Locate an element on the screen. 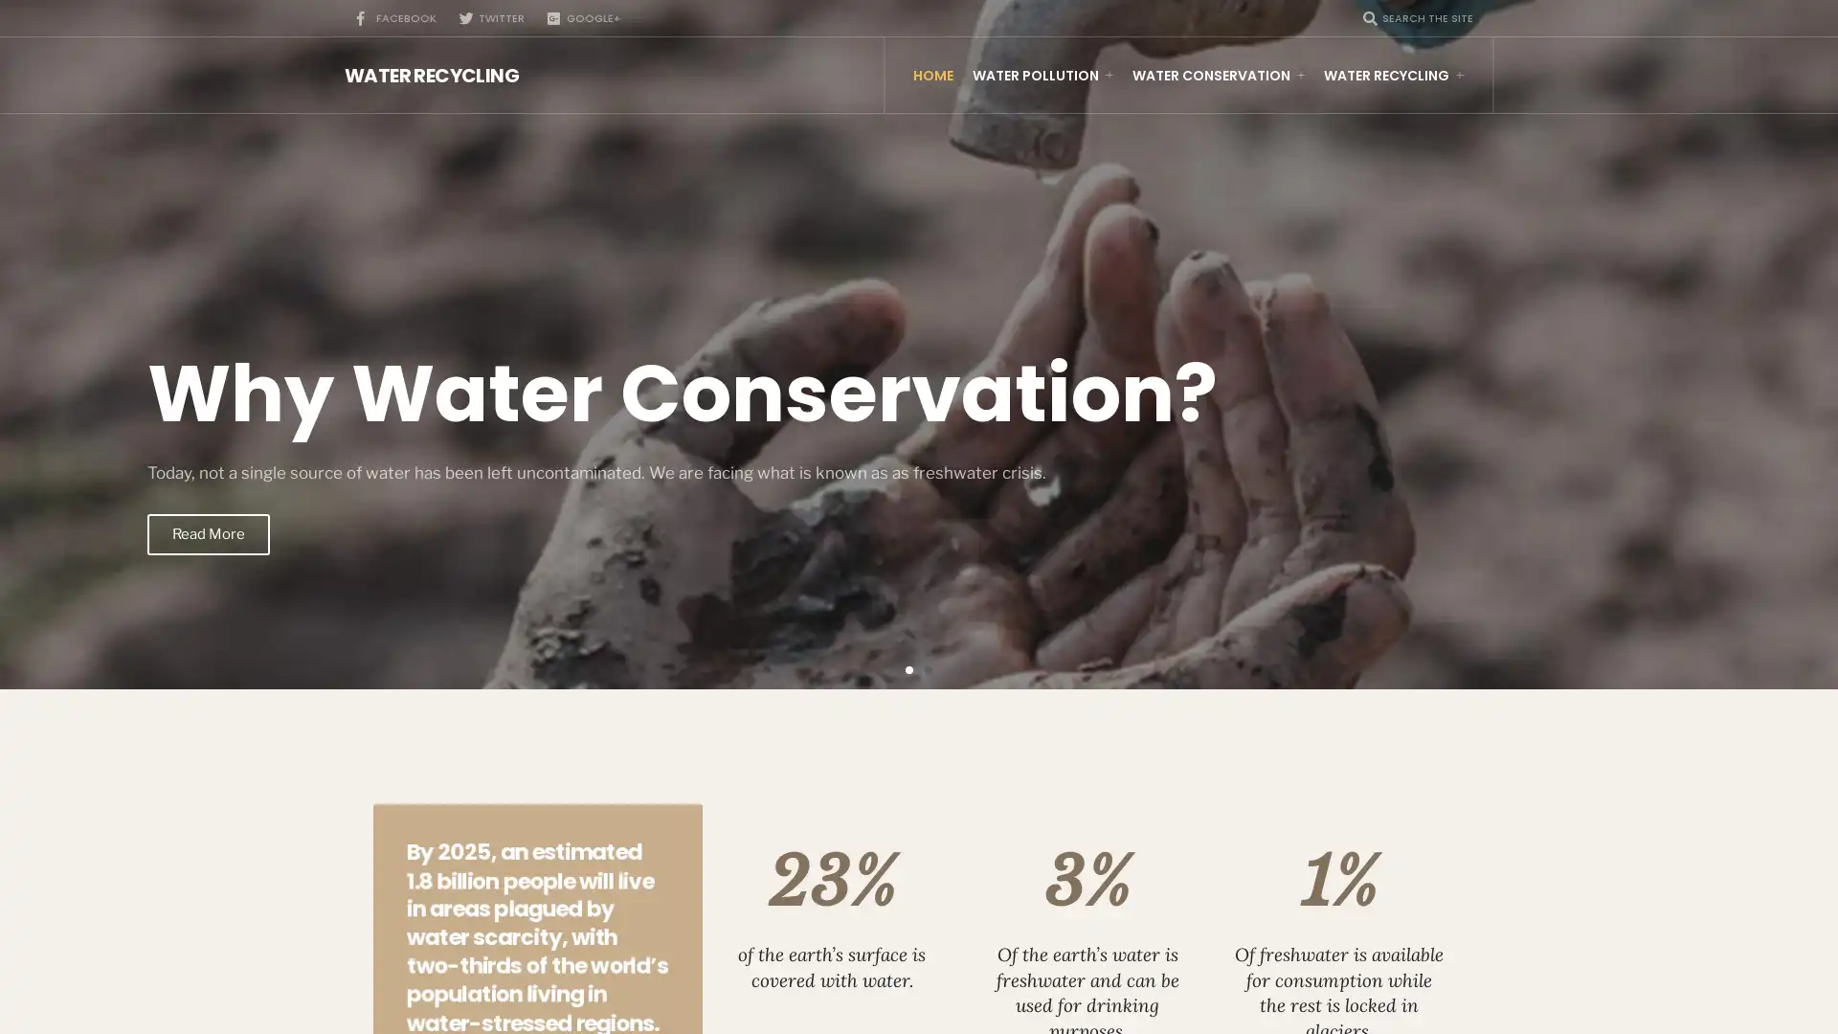 The width and height of the screenshot is (1838, 1034). Go to slide 2 is located at coordinates (928, 668).